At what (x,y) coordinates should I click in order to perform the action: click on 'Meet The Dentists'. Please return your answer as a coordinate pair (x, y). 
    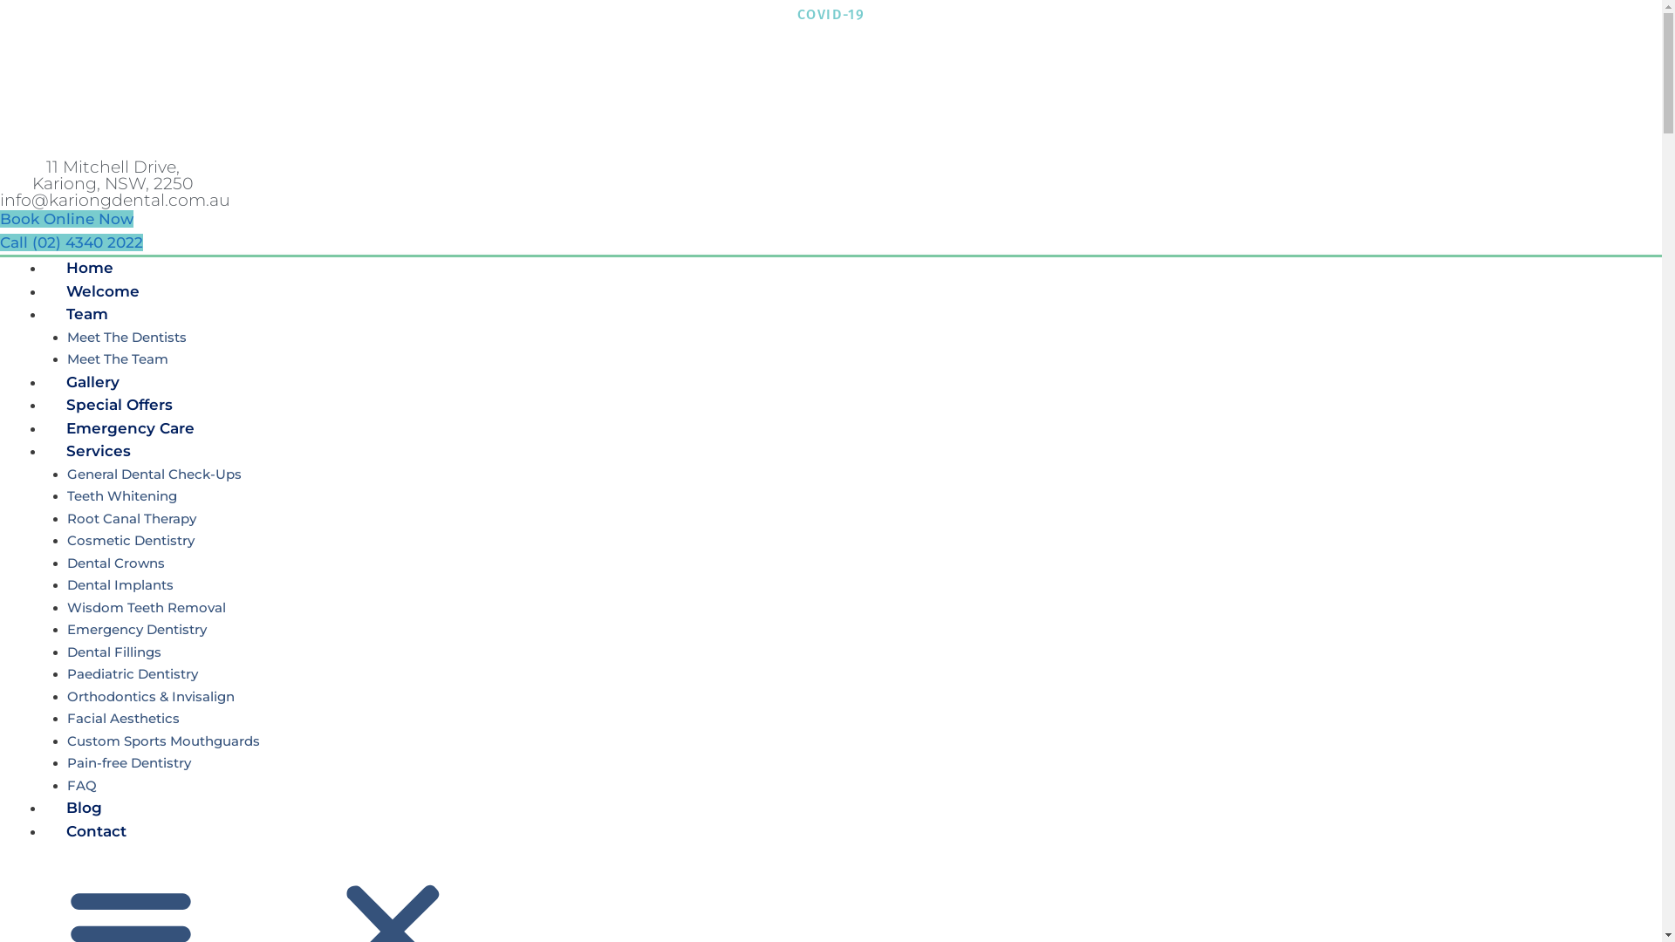
    Looking at the image, I should click on (125, 336).